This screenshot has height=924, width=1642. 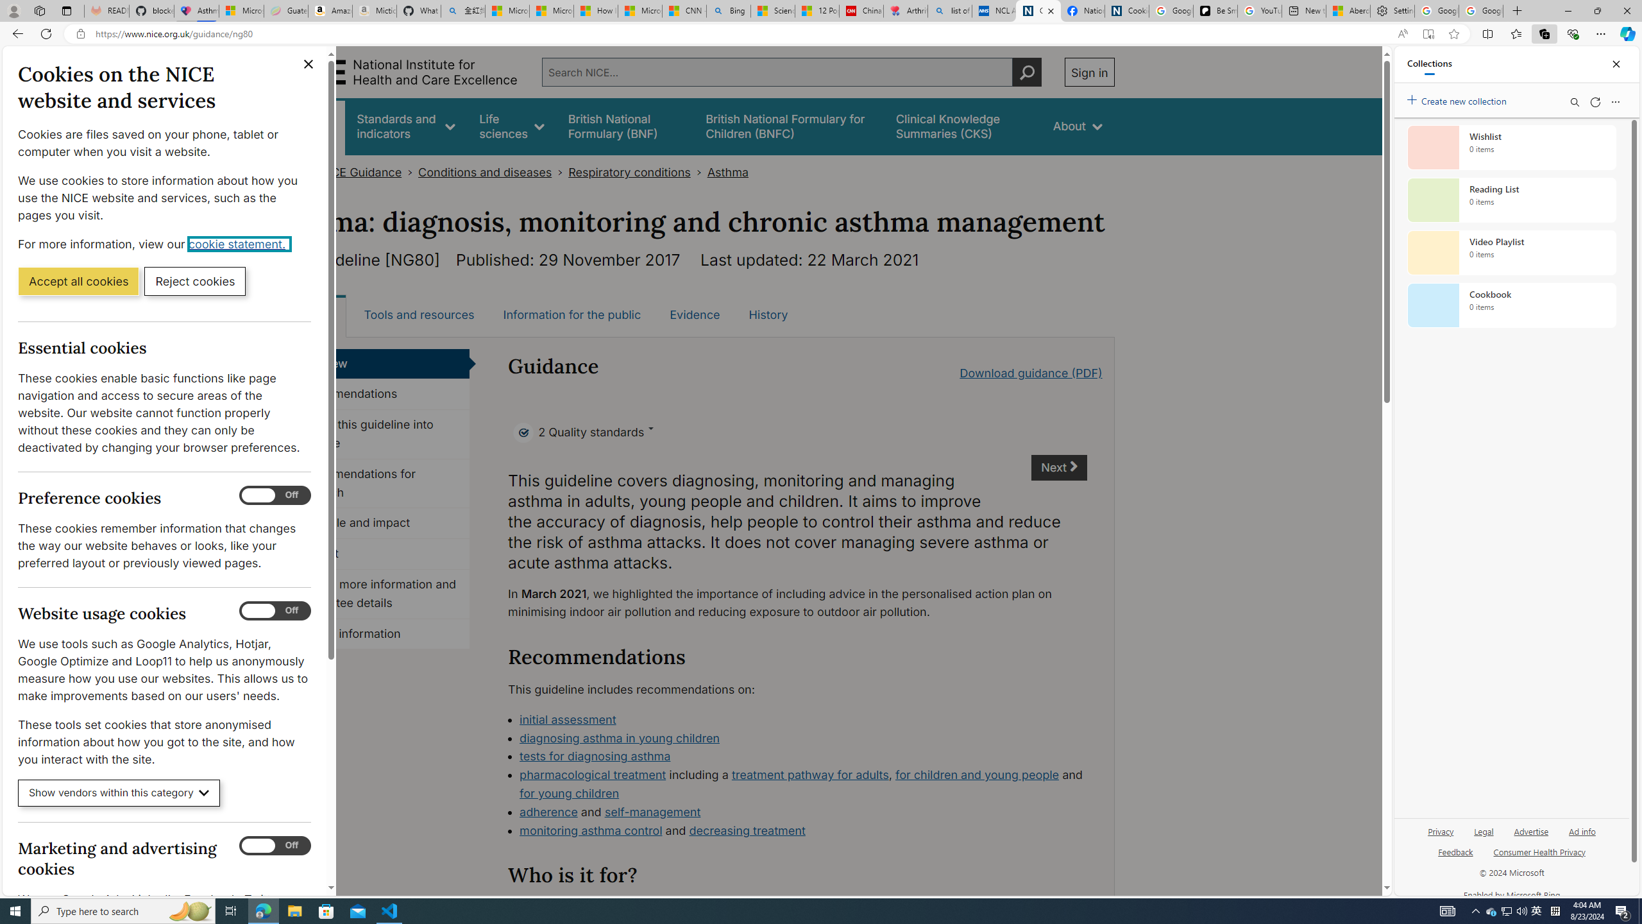 What do you see at coordinates (418, 314) in the screenshot?
I see `'Tools and resources'` at bounding box center [418, 314].